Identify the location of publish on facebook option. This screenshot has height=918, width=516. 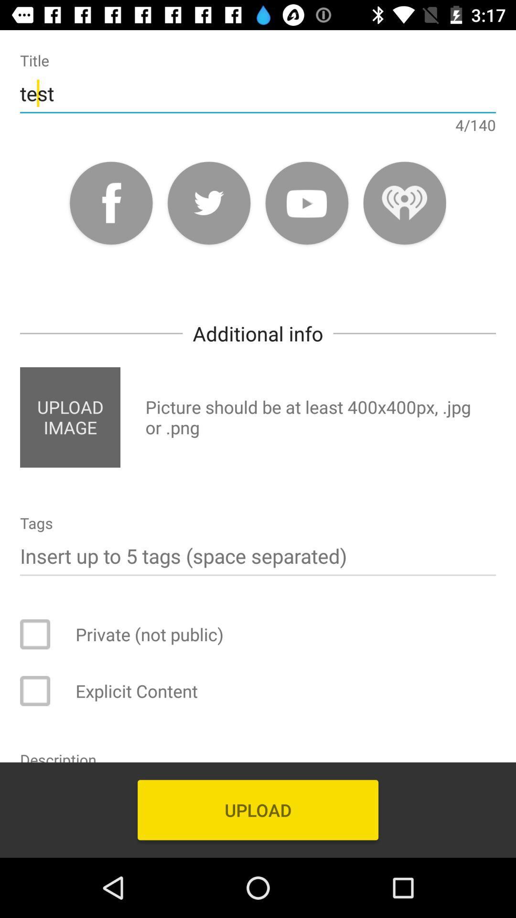
(110, 202).